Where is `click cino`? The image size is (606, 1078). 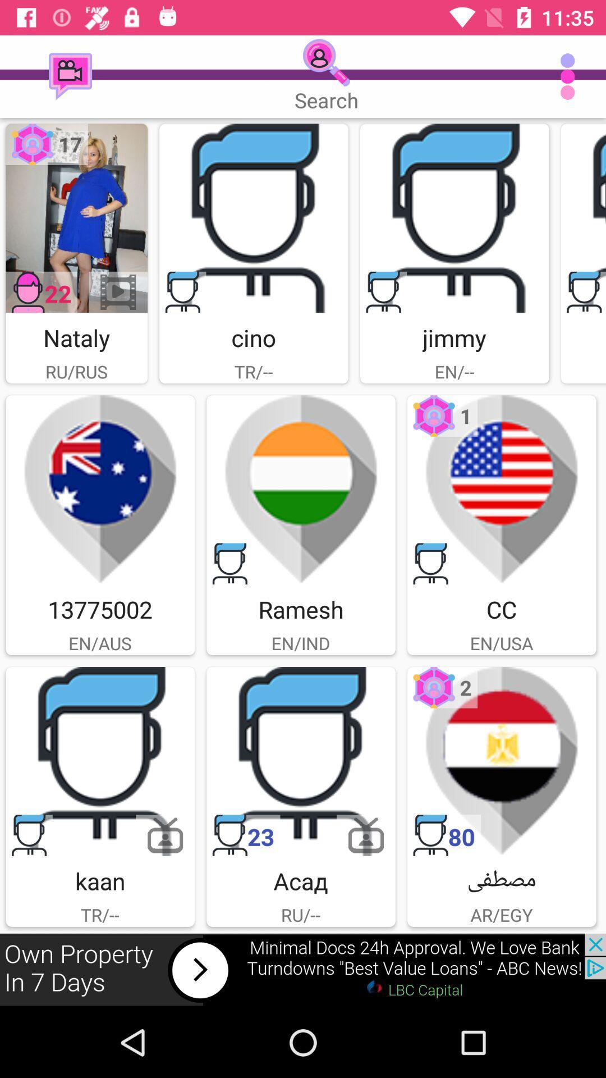
click cino is located at coordinates (254, 218).